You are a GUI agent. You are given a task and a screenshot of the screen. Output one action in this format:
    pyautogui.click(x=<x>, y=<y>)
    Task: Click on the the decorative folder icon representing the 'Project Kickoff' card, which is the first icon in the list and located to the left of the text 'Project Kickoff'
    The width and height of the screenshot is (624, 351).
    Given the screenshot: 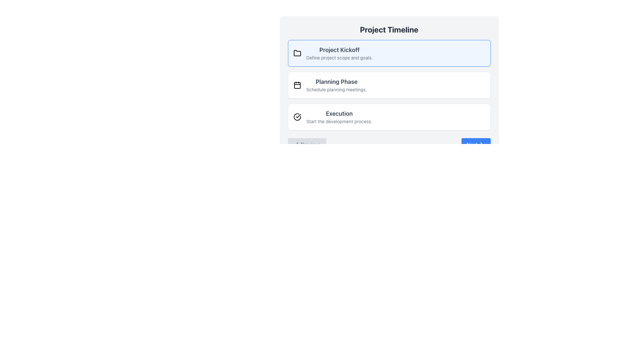 What is the action you would take?
    pyautogui.click(x=297, y=53)
    